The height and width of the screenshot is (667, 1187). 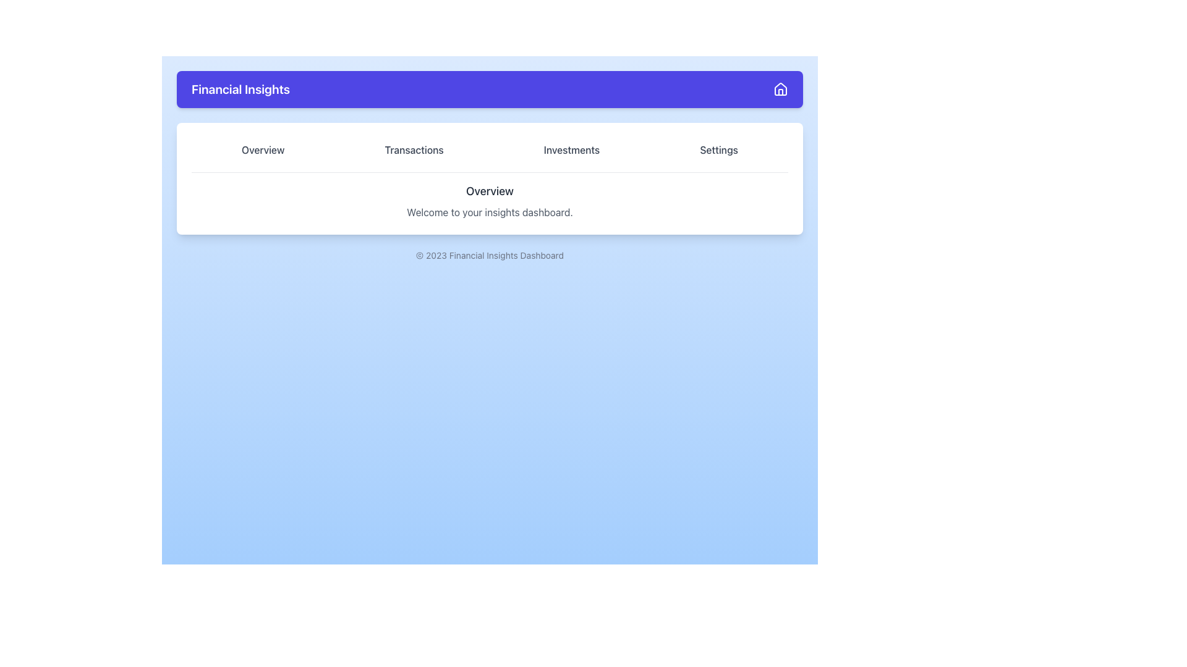 I want to click on the 'Investments' tab in the menu bar, so click(x=571, y=149).